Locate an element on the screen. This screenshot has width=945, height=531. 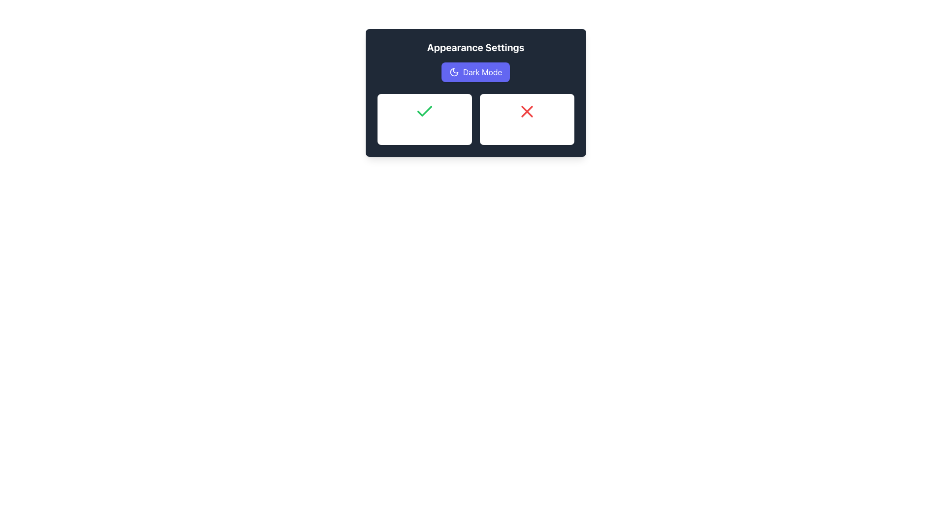
the Text label that serves as a header or title for the dark mode settings and options is located at coordinates (475, 47).